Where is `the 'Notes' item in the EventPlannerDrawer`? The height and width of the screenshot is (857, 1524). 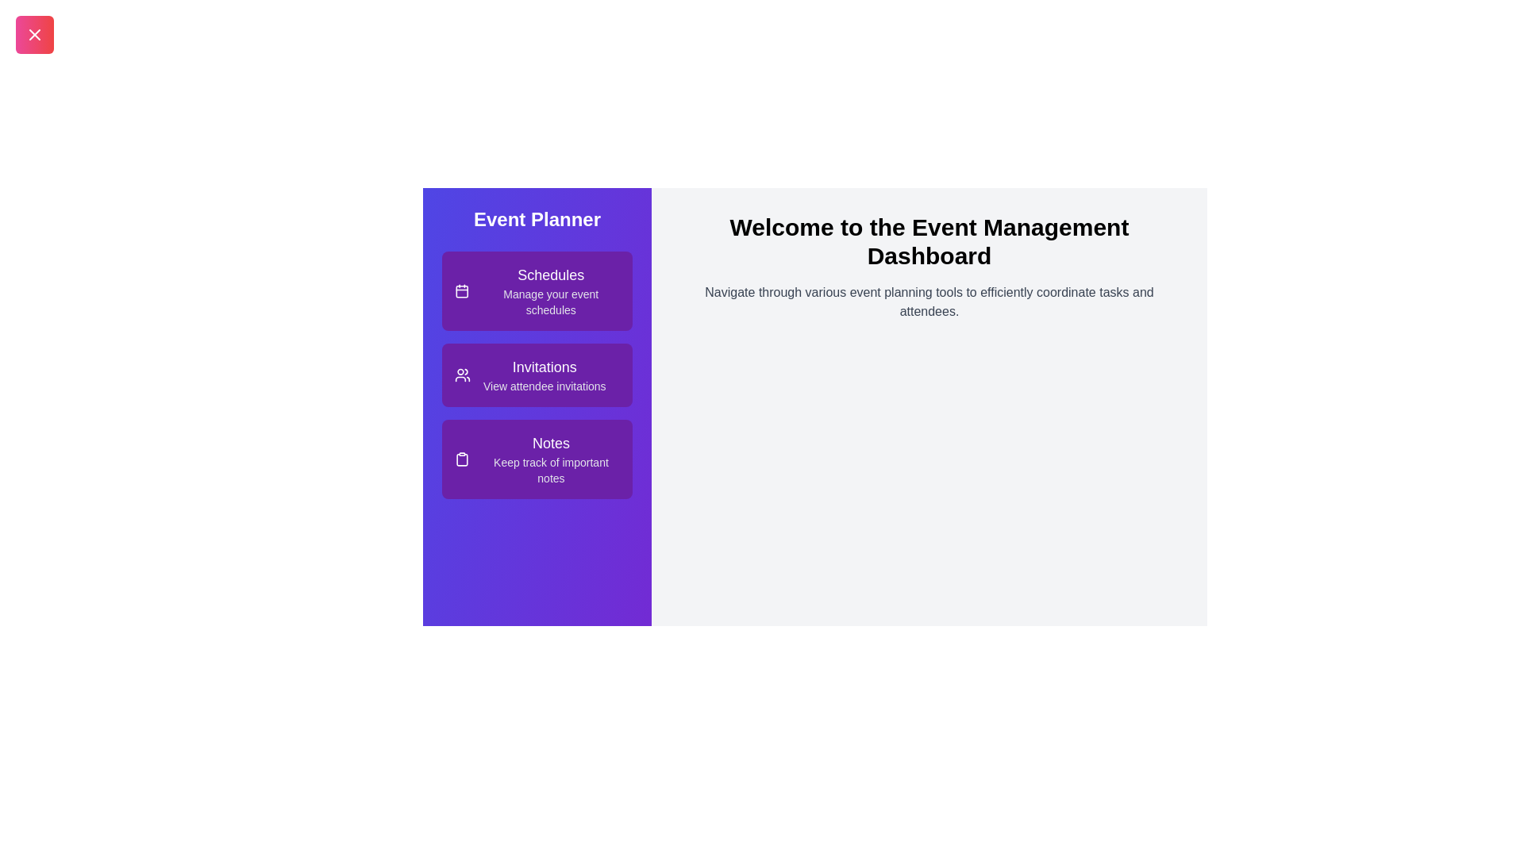 the 'Notes' item in the EventPlannerDrawer is located at coordinates (537, 459).